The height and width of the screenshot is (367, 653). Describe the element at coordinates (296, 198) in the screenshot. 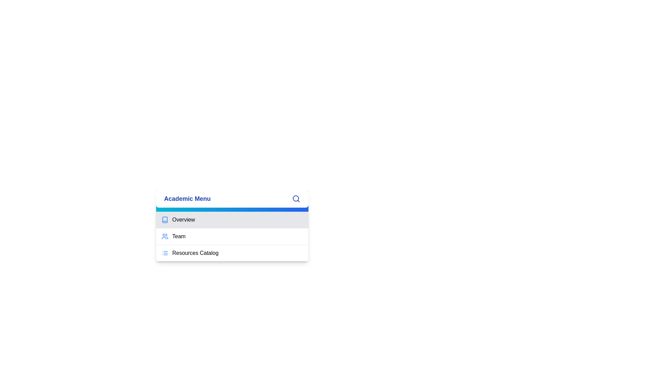

I see `the search icon located on the far-right side of the 'Academic Menu' title bar, which initiates a search-related action` at that location.